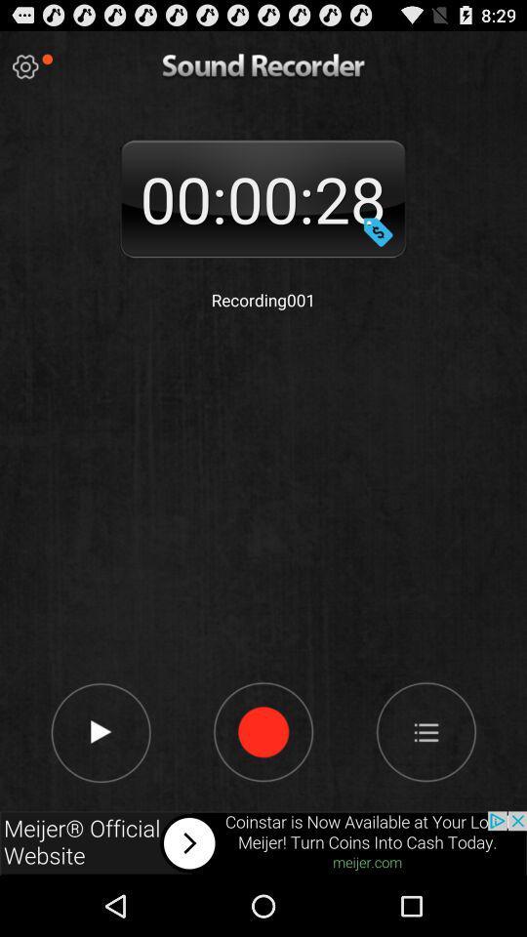  What do you see at coordinates (24, 66) in the screenshot?
I see `setting` at bounding box center [24, 66].